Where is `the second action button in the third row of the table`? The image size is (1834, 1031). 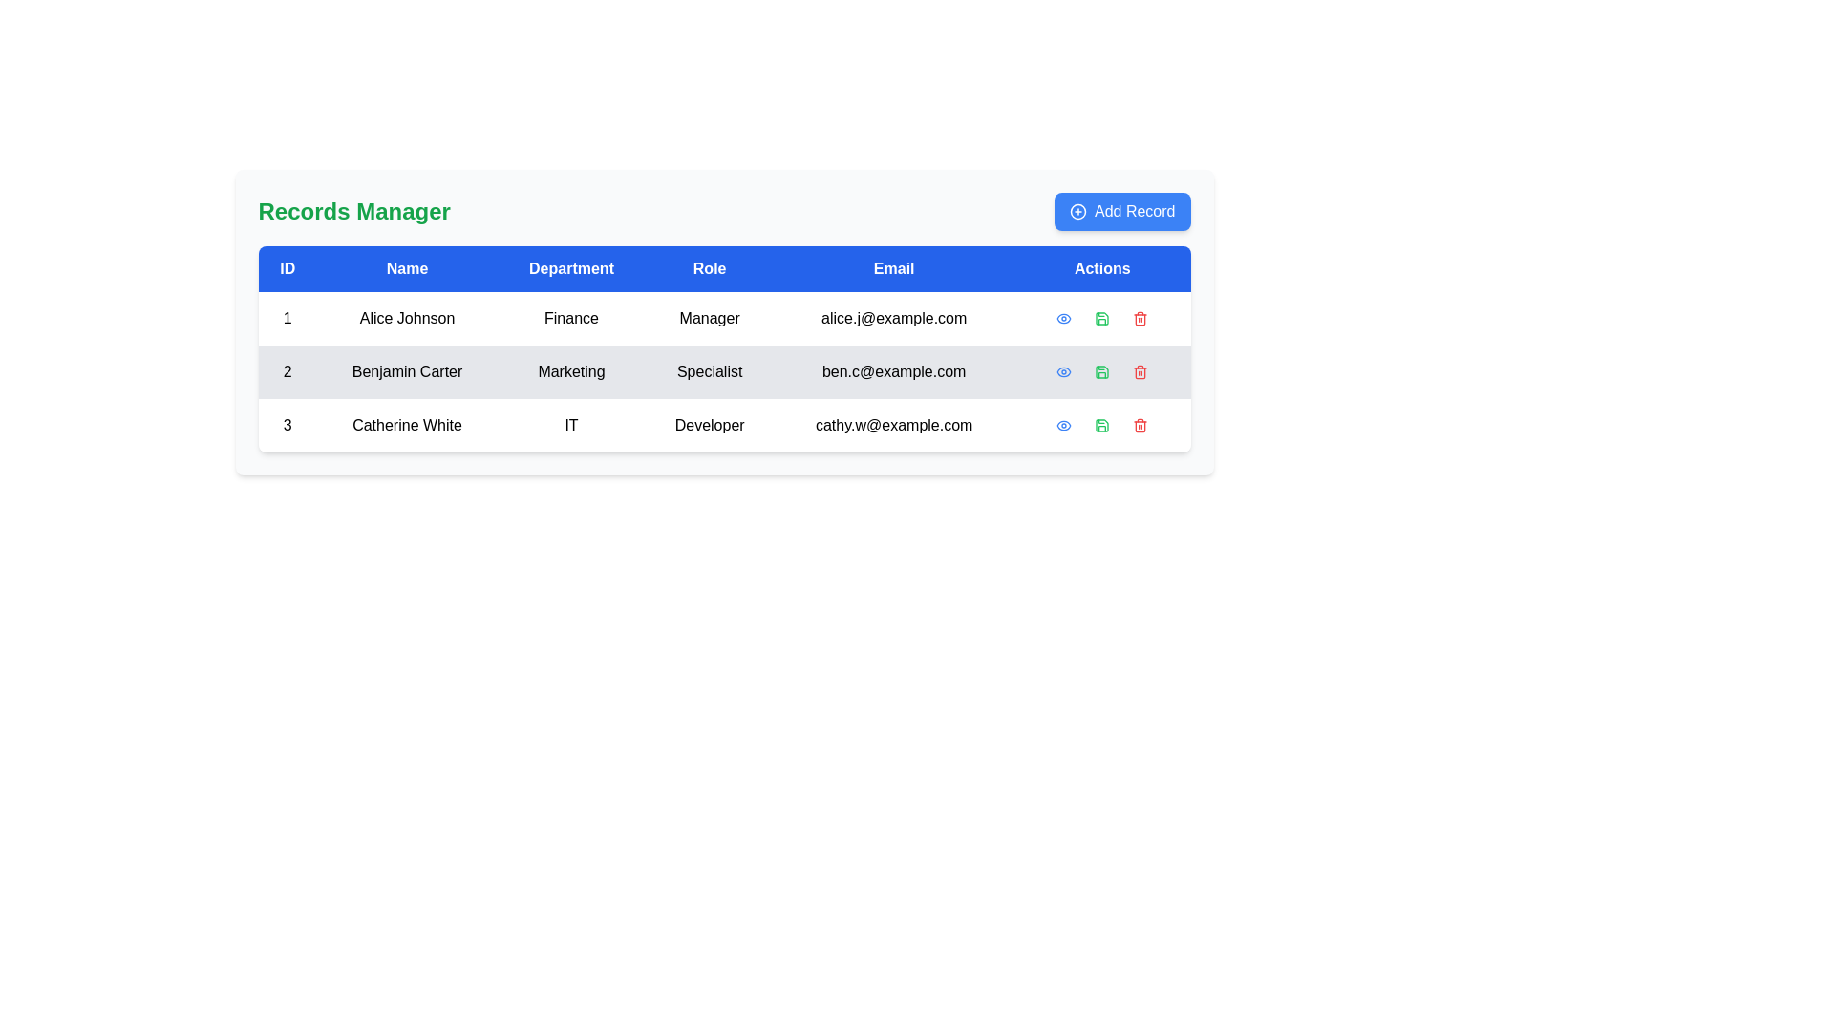 the second action button in the third row of the table is located at coordinates (1101, 425).